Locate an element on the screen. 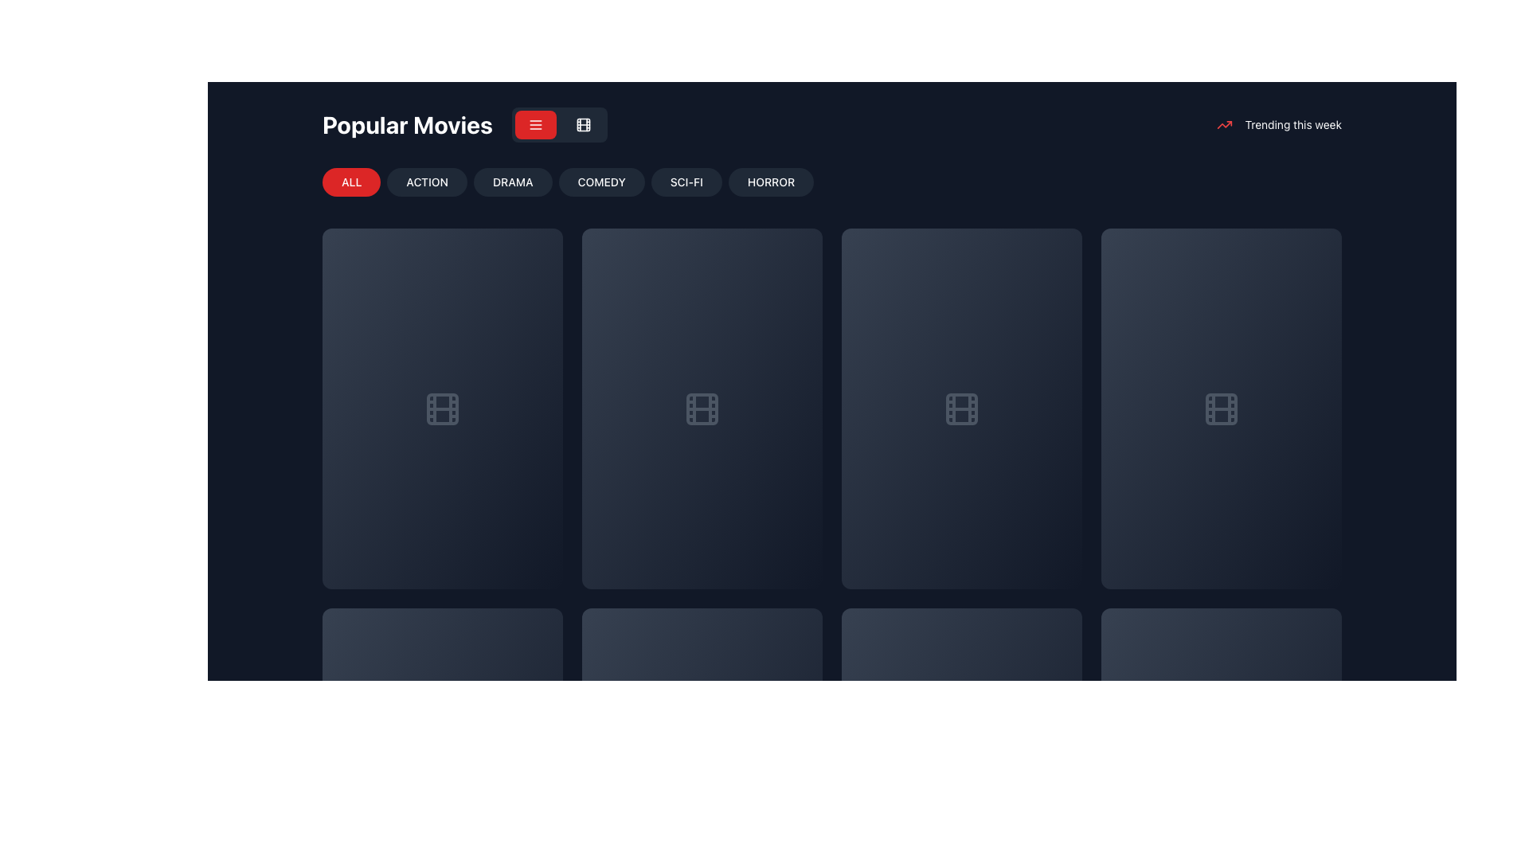 This screenshot has height=860, width=1529. the filtering button located in the upper-middle section of the page, below the title 'Popular Movies', to filter items by action category is located at coordinates (427, 181).